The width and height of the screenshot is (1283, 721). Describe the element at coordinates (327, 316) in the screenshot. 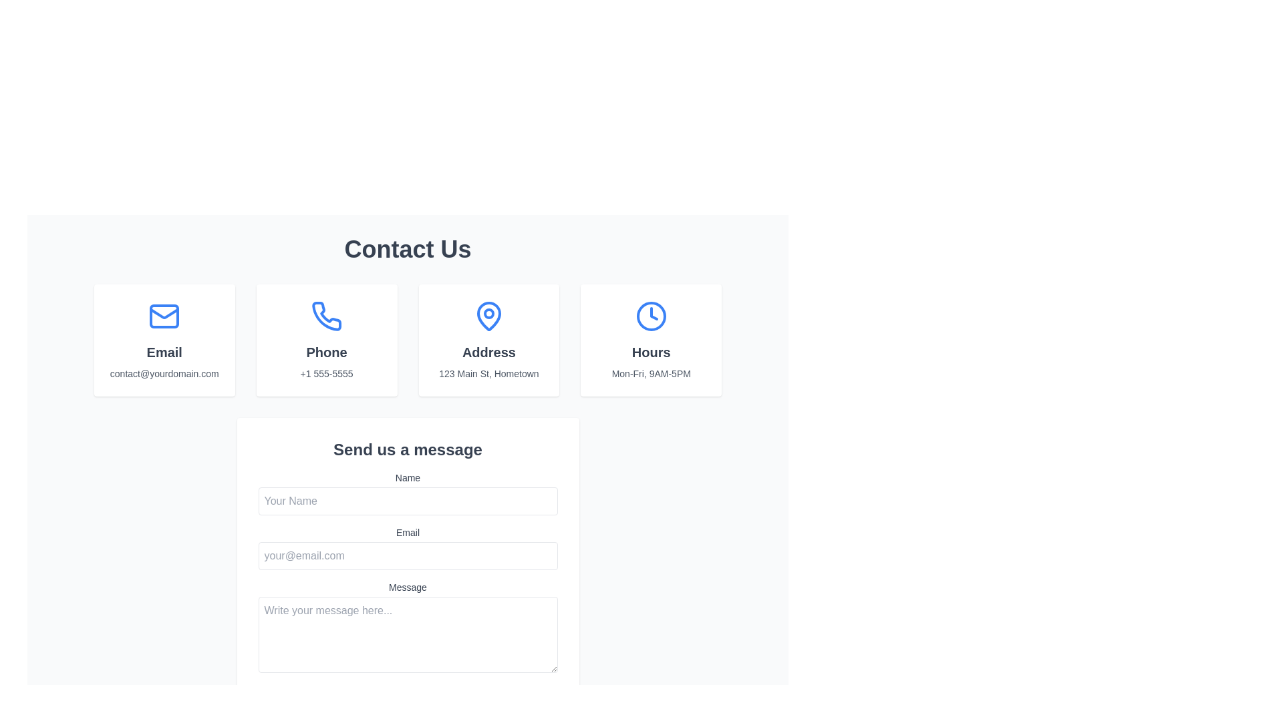

I see `the phone icon that visually represents contact by phone, located above the text 'Phone' and to the right of the 'Email' section` at that location.